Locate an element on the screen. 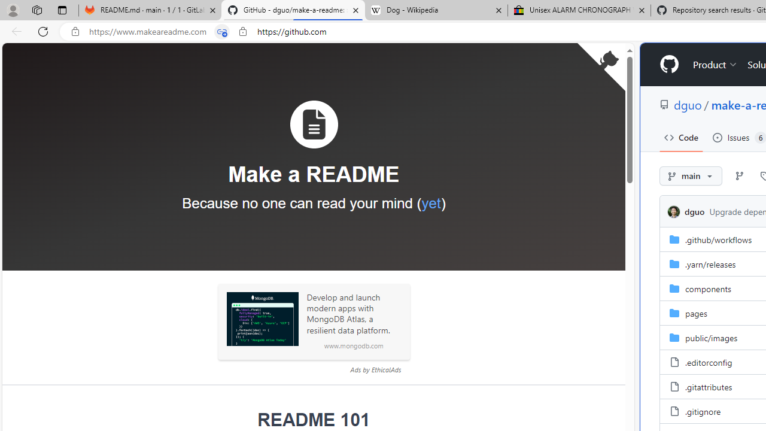 The width and height of the screenshot is (766, 431). '.gitattributes, (File)' is located at coordinates (709, 386).